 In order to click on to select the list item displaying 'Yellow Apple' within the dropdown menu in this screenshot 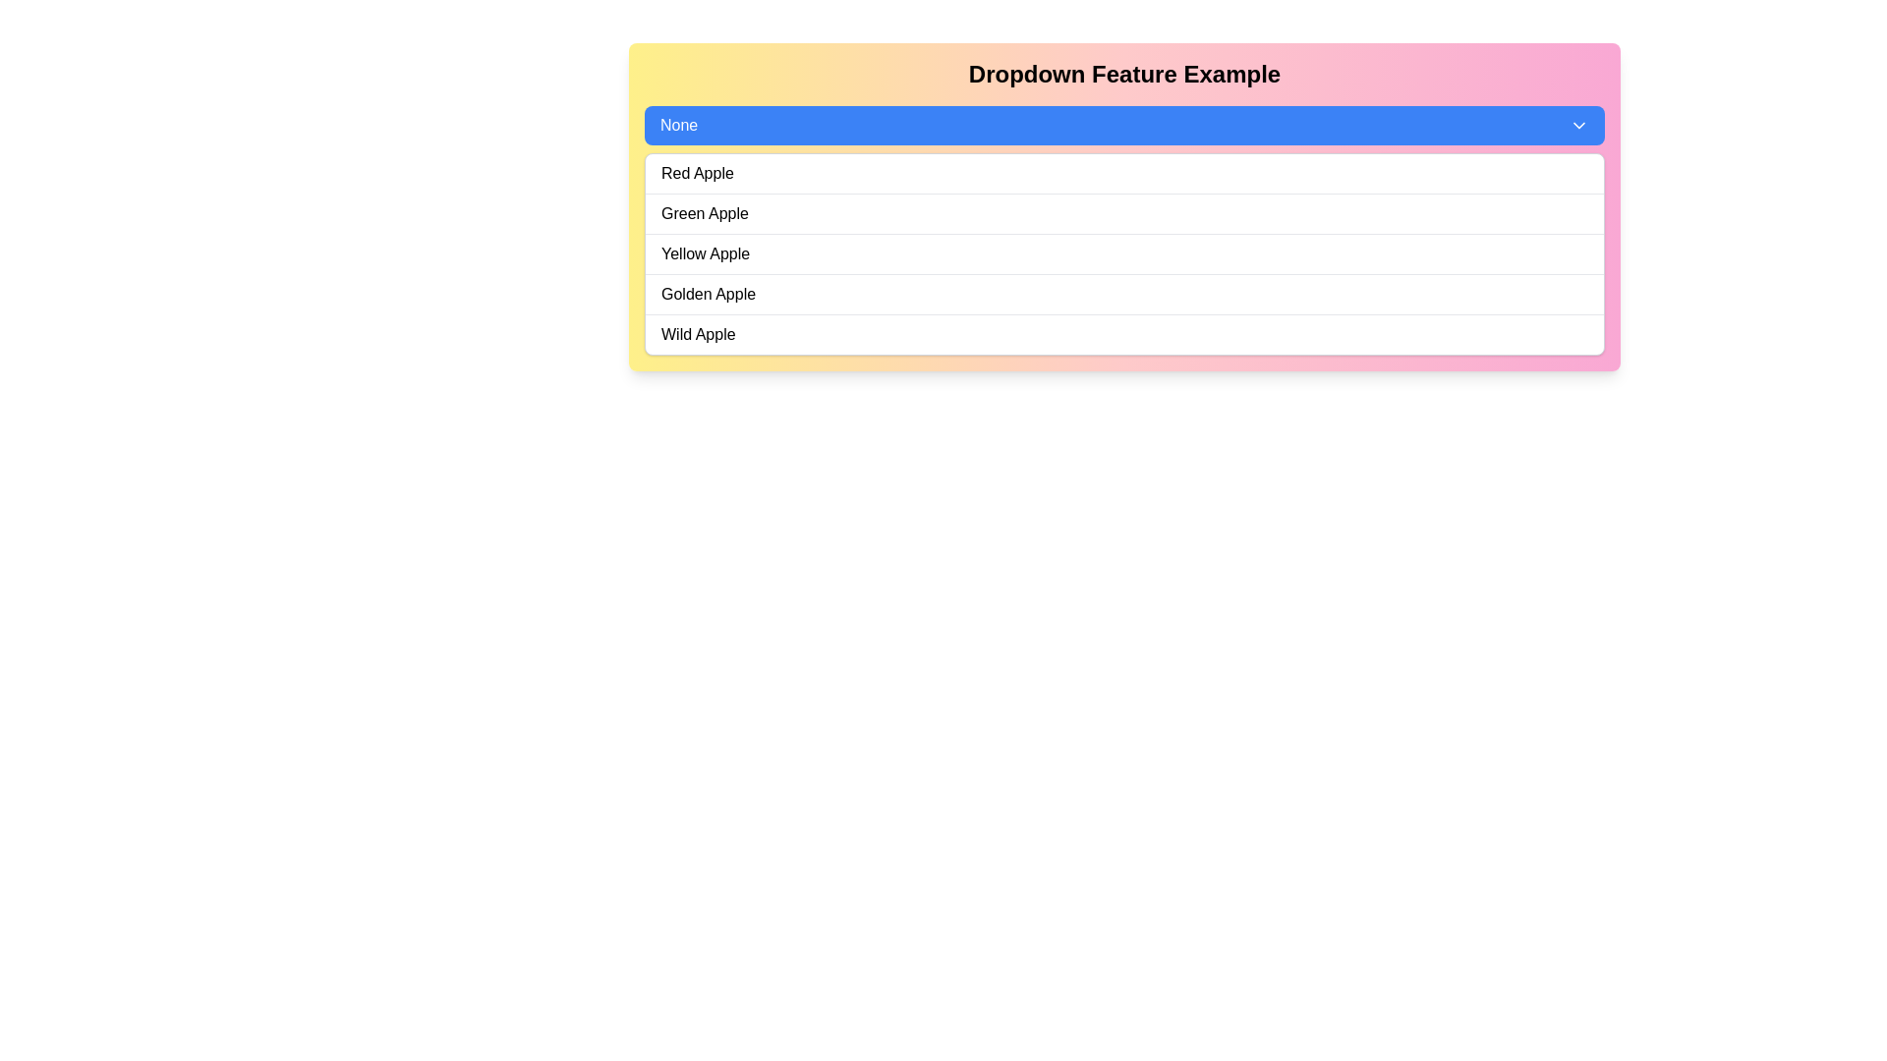, I will do `click(1124, 252)`.